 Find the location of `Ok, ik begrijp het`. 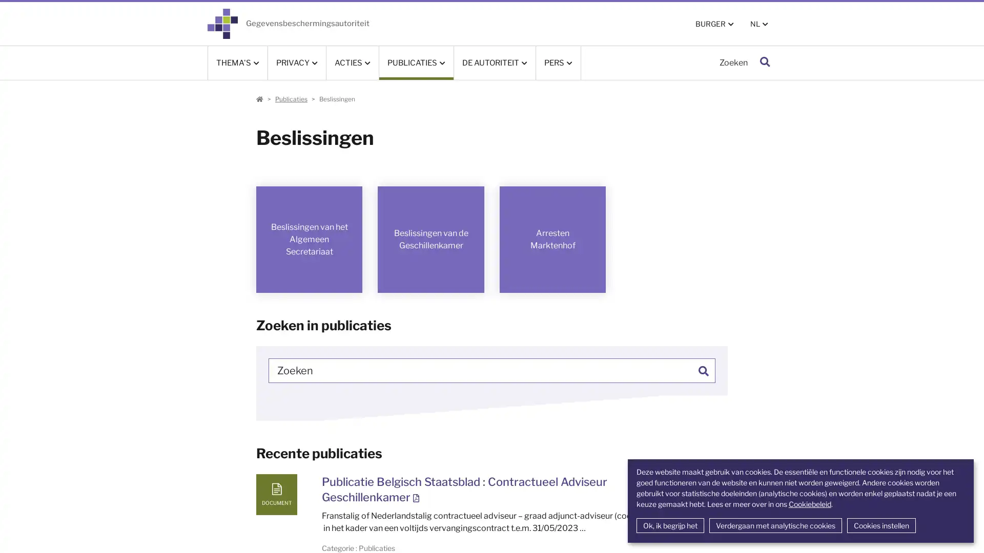

Ok, ik begrijp het is located at coordinates (669, 525).